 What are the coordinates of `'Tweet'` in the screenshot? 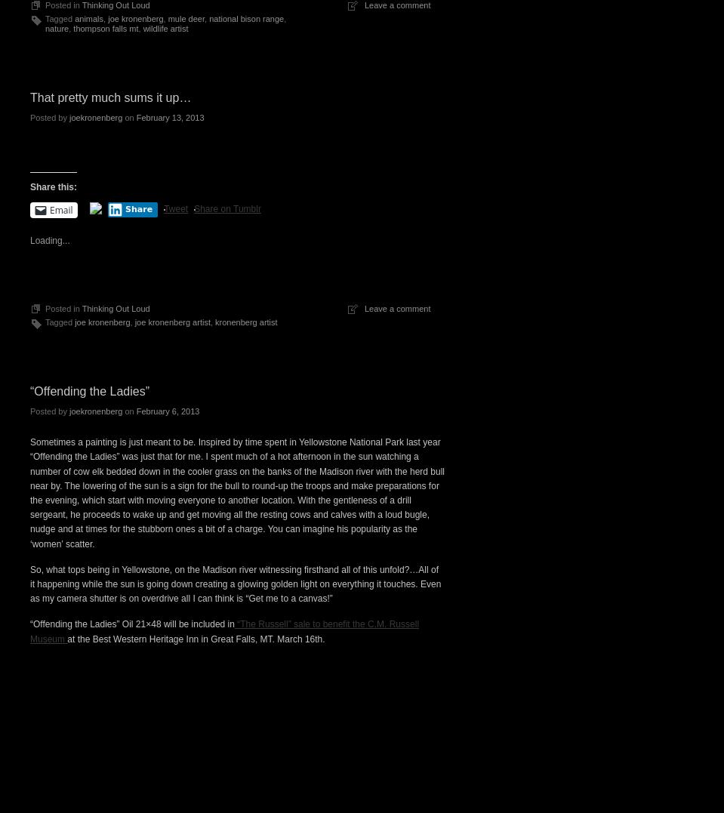 It's located at (164, 208).